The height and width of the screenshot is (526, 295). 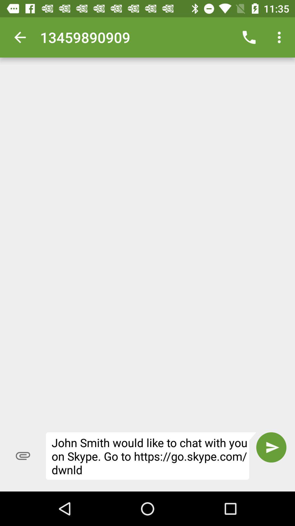 What do you see at coordinates (249, 37) in the screenshot?
I see `the item next to the 13459890909 icon` at bounding box center [249, 37].